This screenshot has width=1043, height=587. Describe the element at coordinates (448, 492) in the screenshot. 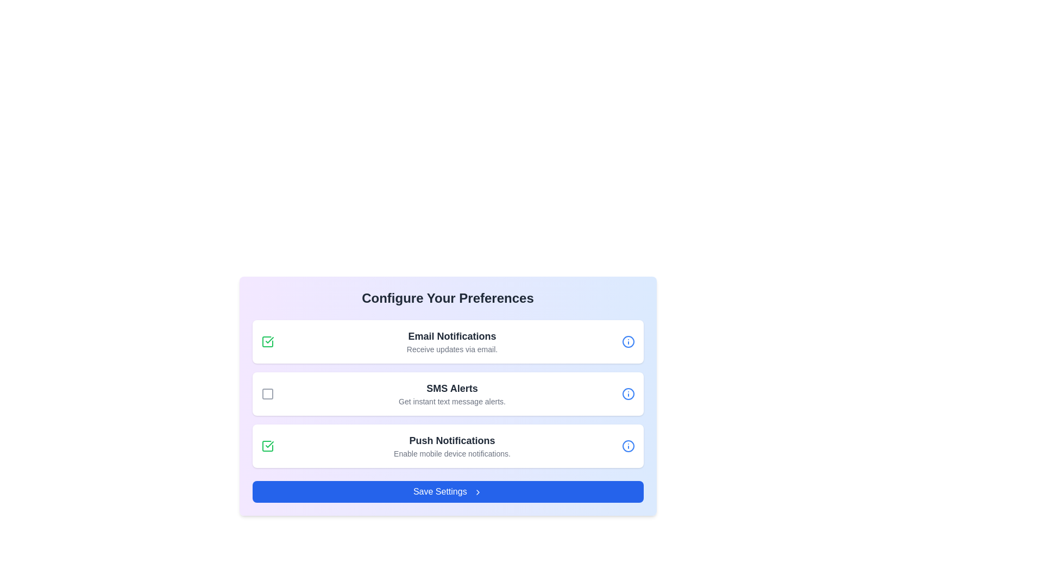

I see `the 'Save Settings' button, which has a vibrant blue background, white text, and a right-pointing arrow icon` at that location.